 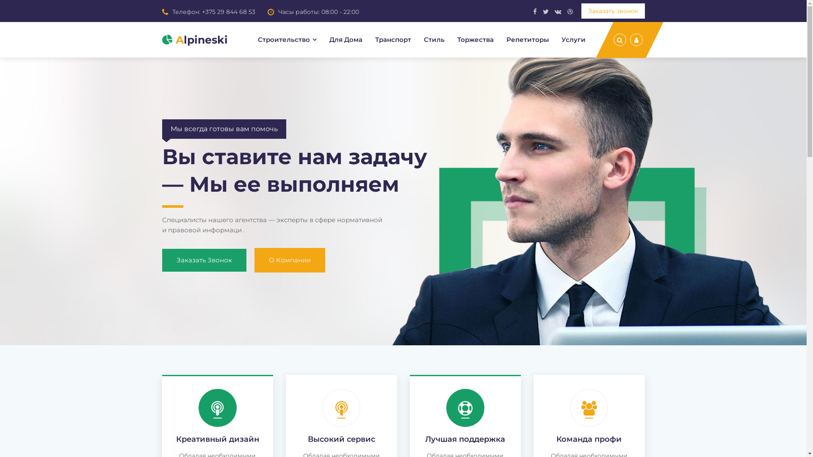 What do you see at coordinates (194, 39) in the screenshot?
I see `'Alpineski'` at bounding box center [194, 39].